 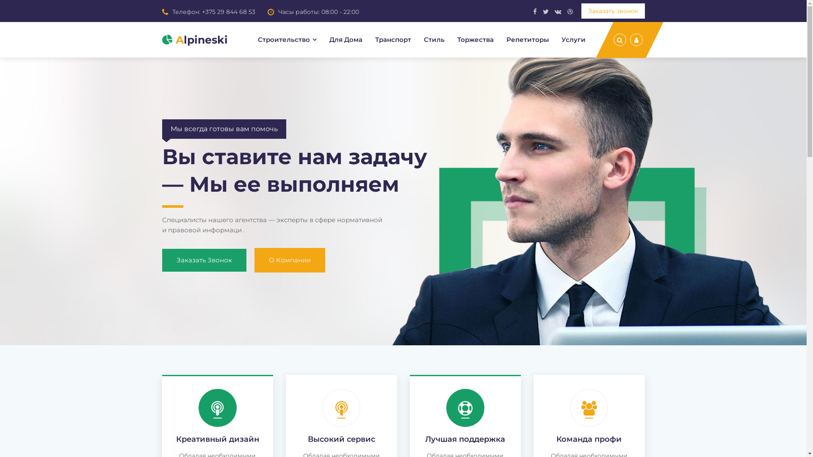 What do you see at coordinates (194, 39) in the screenshot?
I see `'Alpineski'` at bounding box center [194, 39].